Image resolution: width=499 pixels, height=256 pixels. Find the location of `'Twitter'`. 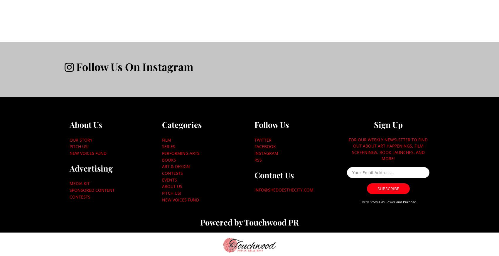

'Twitter' is located at coordinates (263, 140).